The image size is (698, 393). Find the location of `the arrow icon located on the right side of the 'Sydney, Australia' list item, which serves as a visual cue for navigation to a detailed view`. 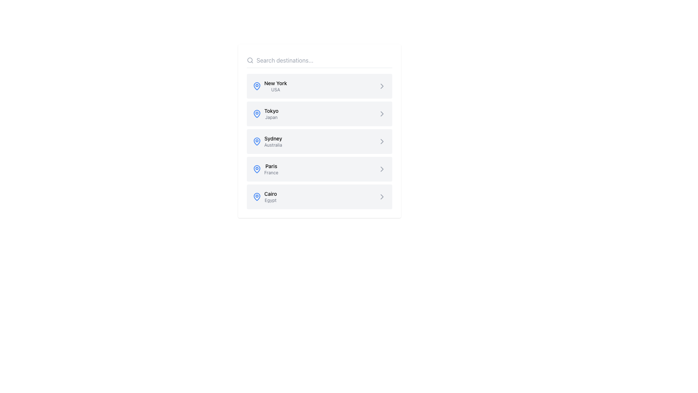

the arrow icon located on the right side of the 'Sydney, Australia' list item, which serves as a visual cue for navigation to a detailed view is located at coordinates (382, 142).